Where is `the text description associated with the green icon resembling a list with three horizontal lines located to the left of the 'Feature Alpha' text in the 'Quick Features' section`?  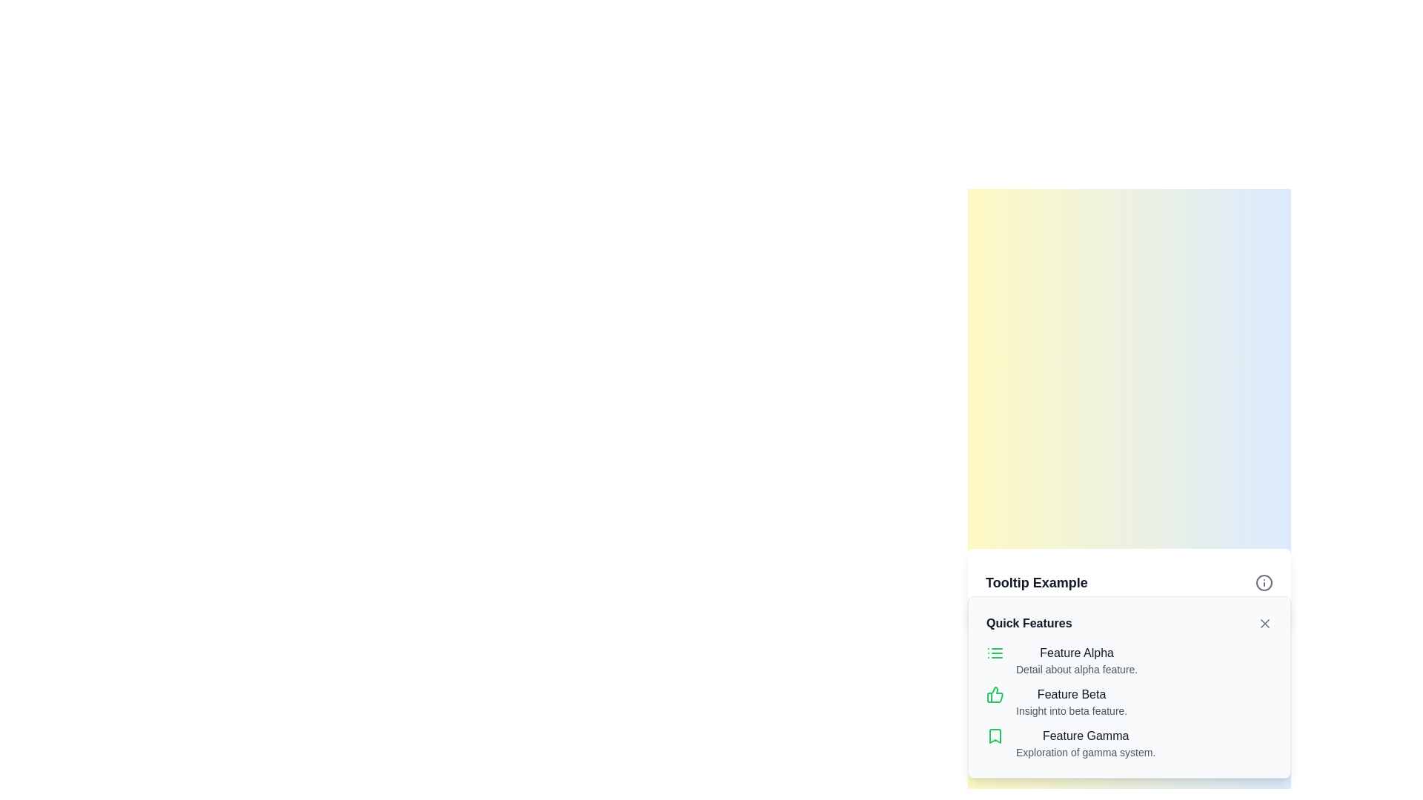 the text description associated with the green icon resembling a list with three horizontal lines located to the left of the 'Feature Alpha' text in the 'Quick Features' section is located at coordinates (995, 653).